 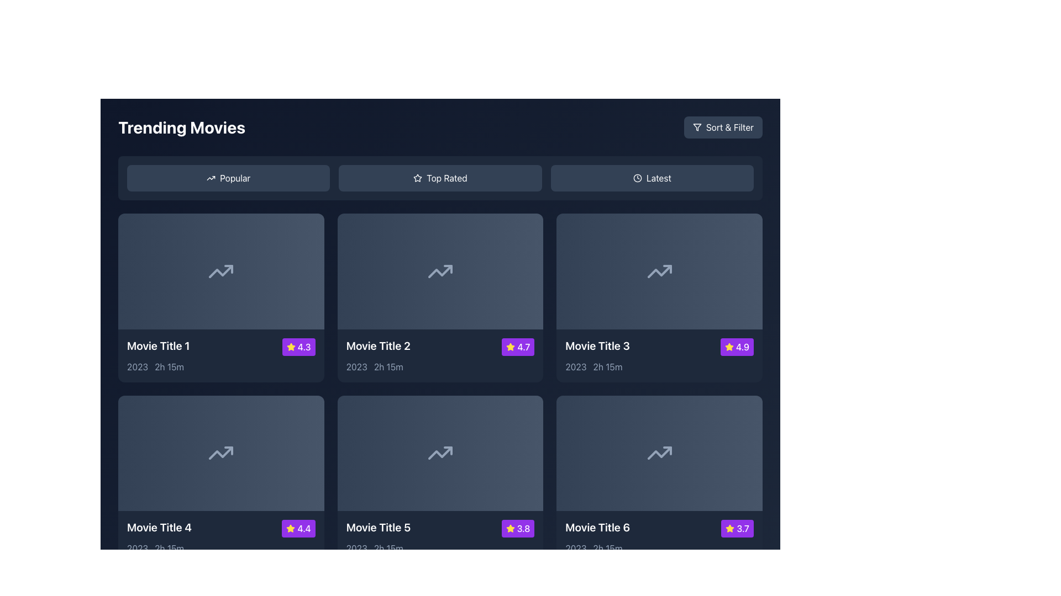 What do you see at coordinates (607, 366) in the screenshot?
I see `the static text label that conveys the duration of a movie, located to the right of the text '2023' and below 'Movie Title 3'` at bounding box center [607, 366].